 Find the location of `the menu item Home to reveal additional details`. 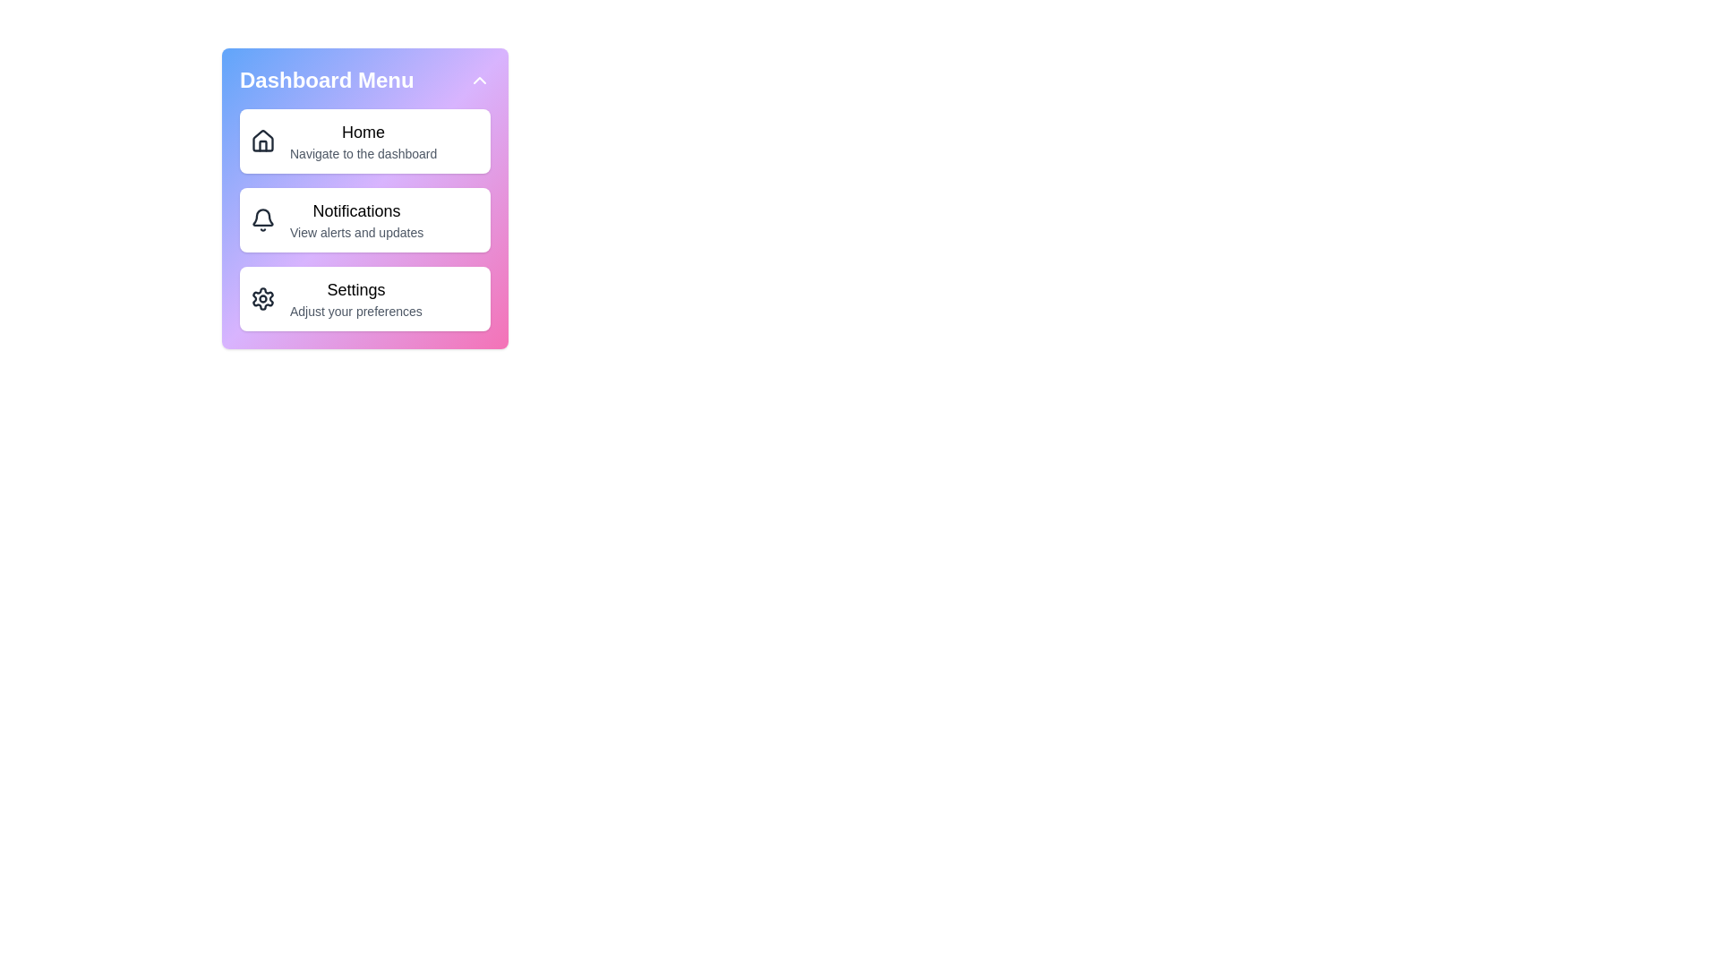

the menu item Home to reveal additional details is located at coordinates (364, 141).